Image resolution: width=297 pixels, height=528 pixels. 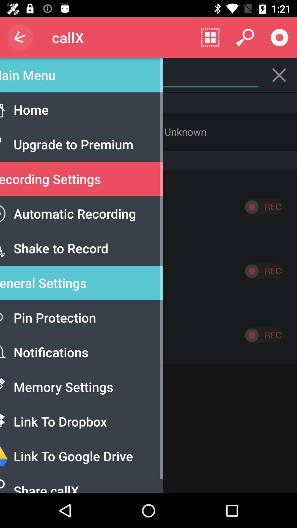 I want to click on the close icon, so click(x=279, y=75).